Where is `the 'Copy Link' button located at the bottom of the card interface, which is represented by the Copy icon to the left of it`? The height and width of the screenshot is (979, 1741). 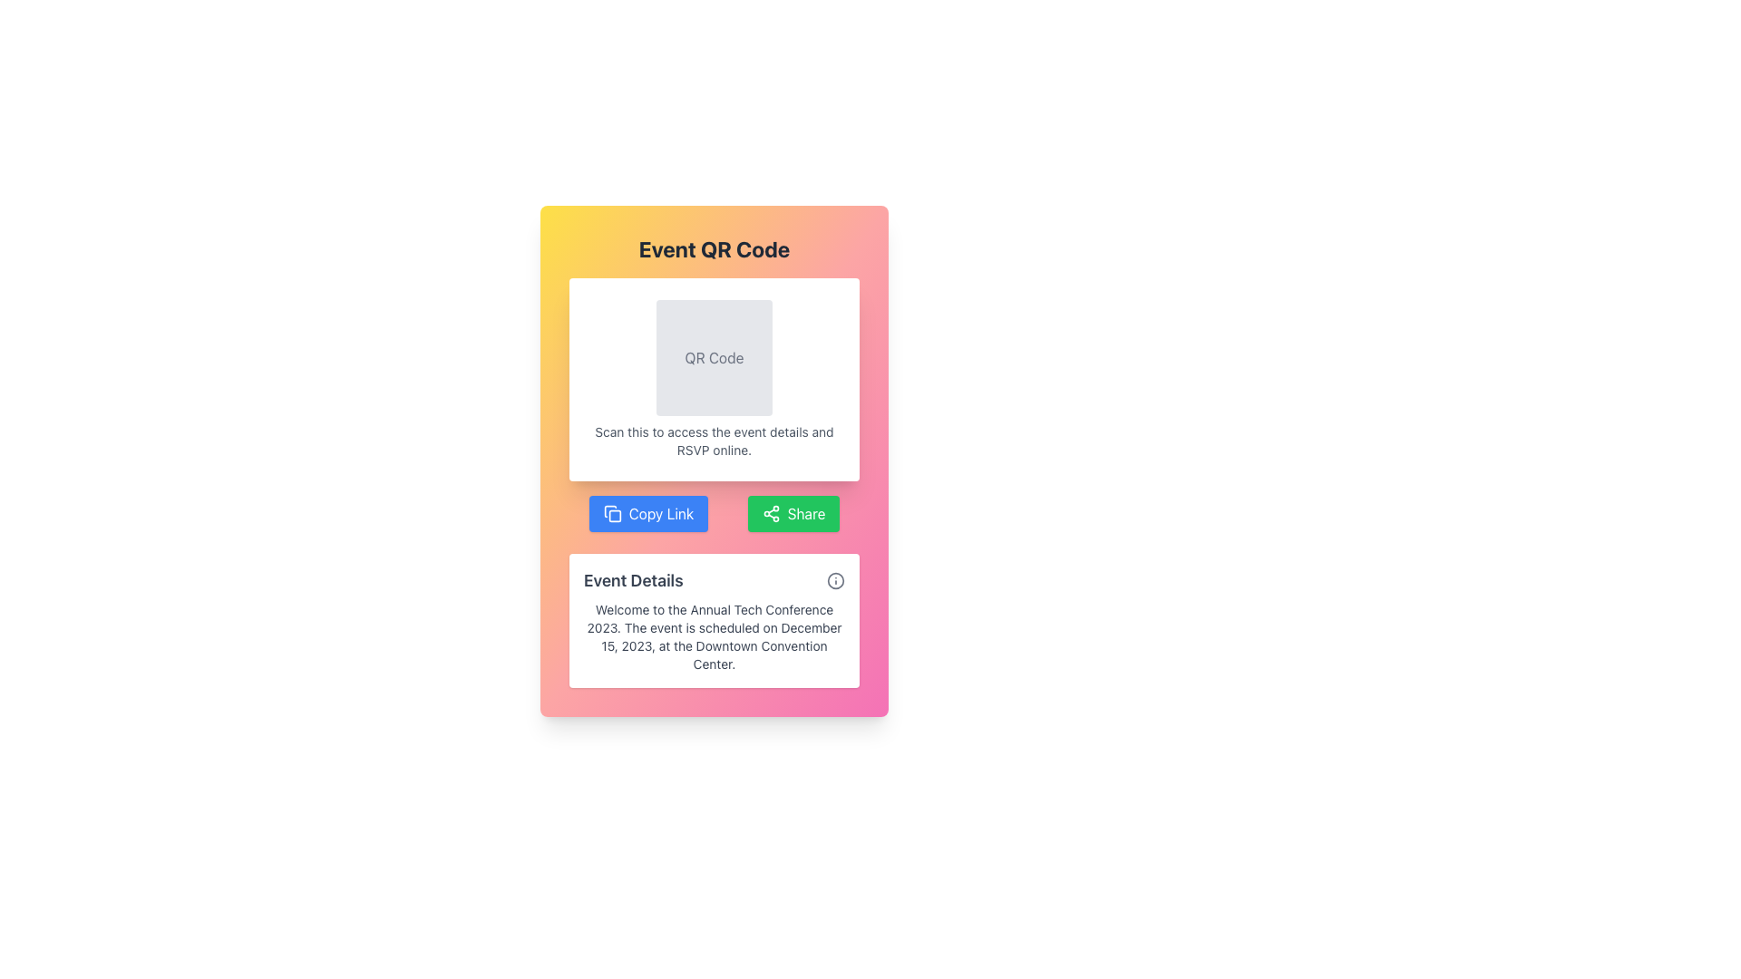
the 'Copy Link' button located at the bottom of the card interface, which is represented by the Copy icon to the left of it is located at coordinates (612, 514).